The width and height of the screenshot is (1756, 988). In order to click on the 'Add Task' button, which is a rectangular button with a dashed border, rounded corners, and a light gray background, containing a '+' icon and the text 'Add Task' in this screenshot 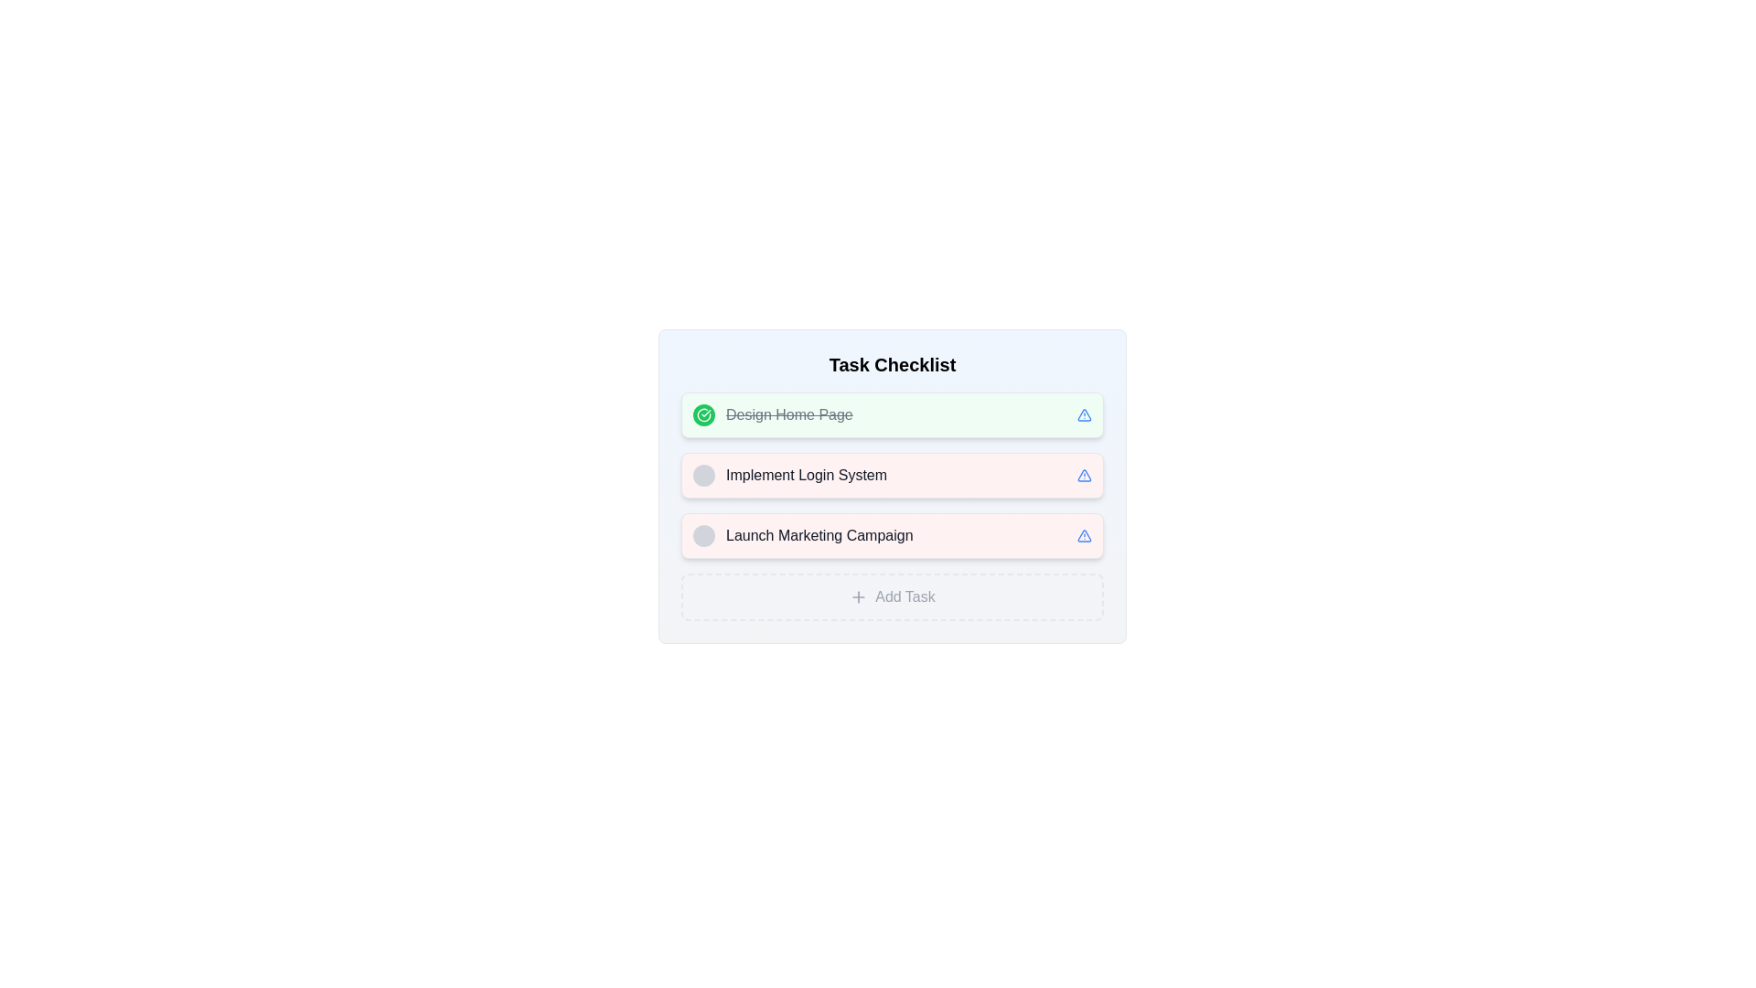, I will do `click(892, 596)`.